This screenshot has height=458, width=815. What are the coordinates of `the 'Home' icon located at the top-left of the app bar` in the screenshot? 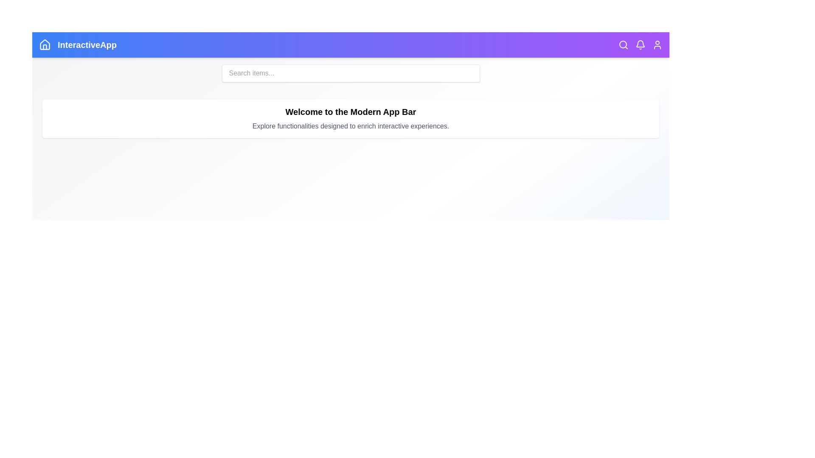 It's located at (44, 45).